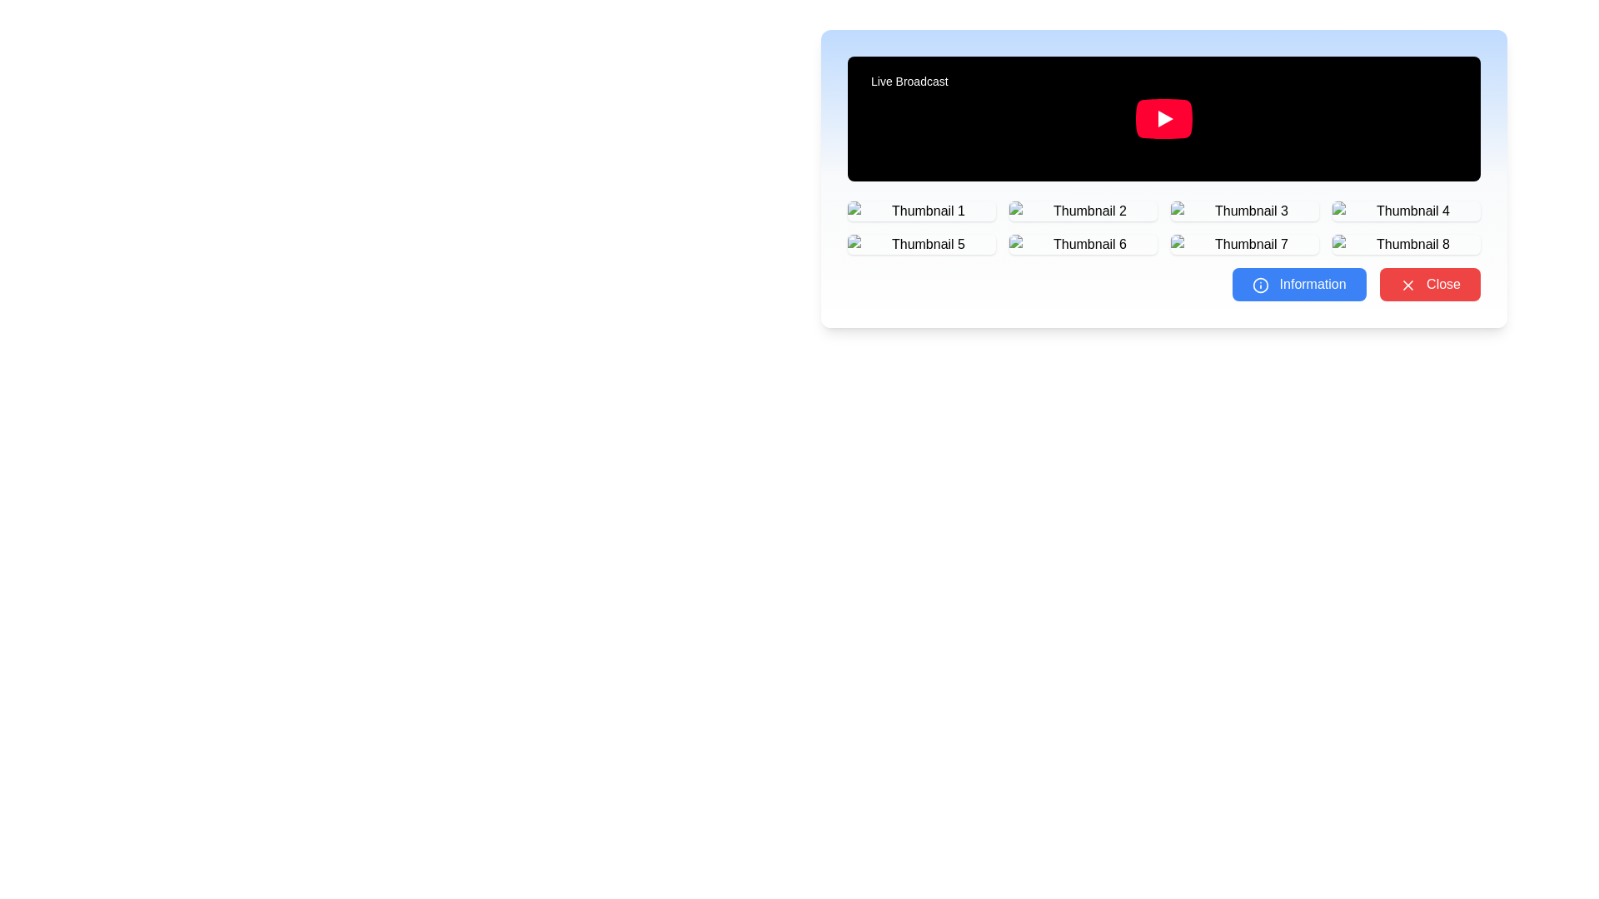 The image size is (1599, 899). Describe the element at coordinates (1406, 211) in the screenshot. I see `the Thumbnail button labeled 'Thumbnail 4'` at that location.